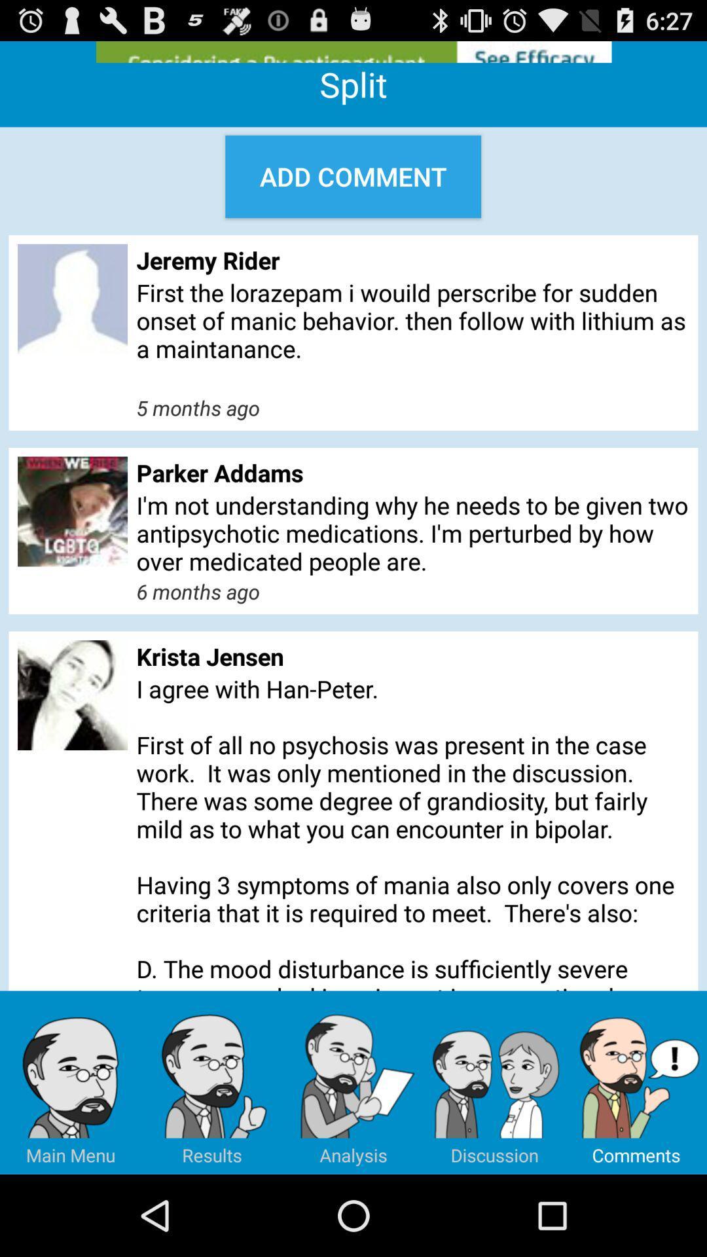 This screenshot has width=707, height=1257. What do you see at coordinates (412, 533) in the screenshot?
I see `the icon below the parker addams app` at bounding box center [412, 533].